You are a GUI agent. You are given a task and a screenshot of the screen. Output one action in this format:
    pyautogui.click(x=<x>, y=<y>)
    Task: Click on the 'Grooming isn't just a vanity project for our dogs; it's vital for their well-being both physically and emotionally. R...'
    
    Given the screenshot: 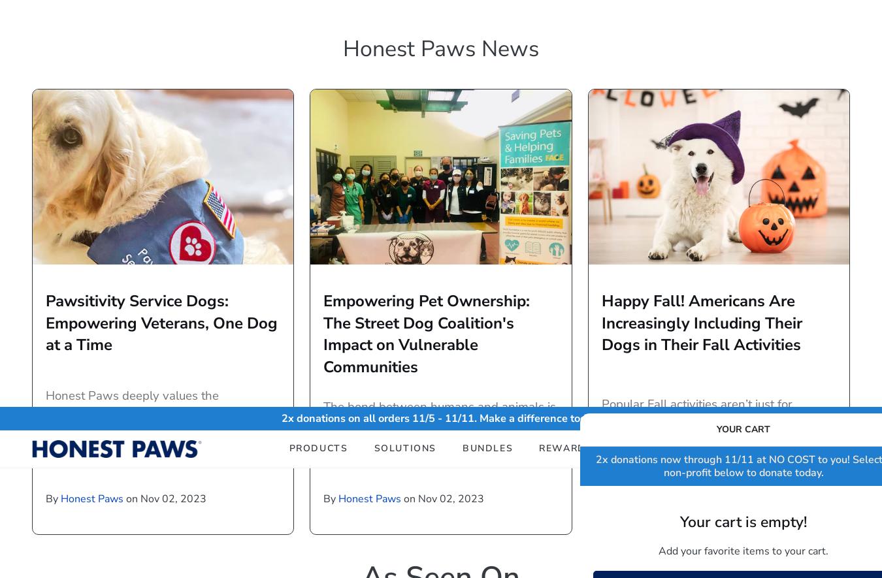 What is the action you would take?
    pyautogui.click(x=717, y=72)
    